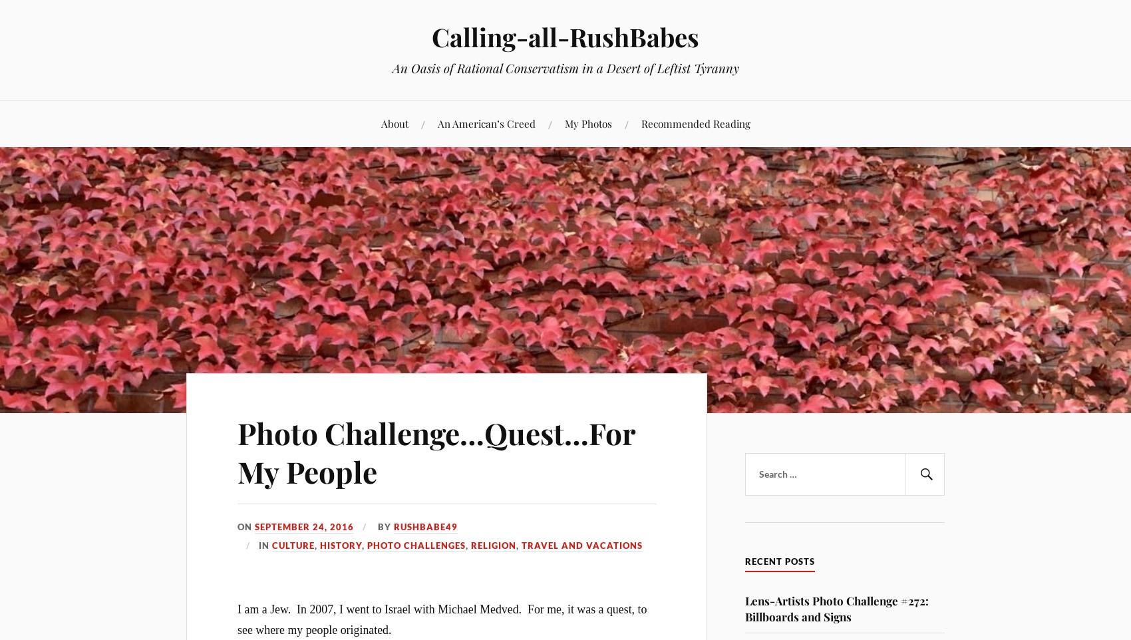 The height and width of the screenshot is (640, 1131). I want to click on 'In', so click(263, 545).